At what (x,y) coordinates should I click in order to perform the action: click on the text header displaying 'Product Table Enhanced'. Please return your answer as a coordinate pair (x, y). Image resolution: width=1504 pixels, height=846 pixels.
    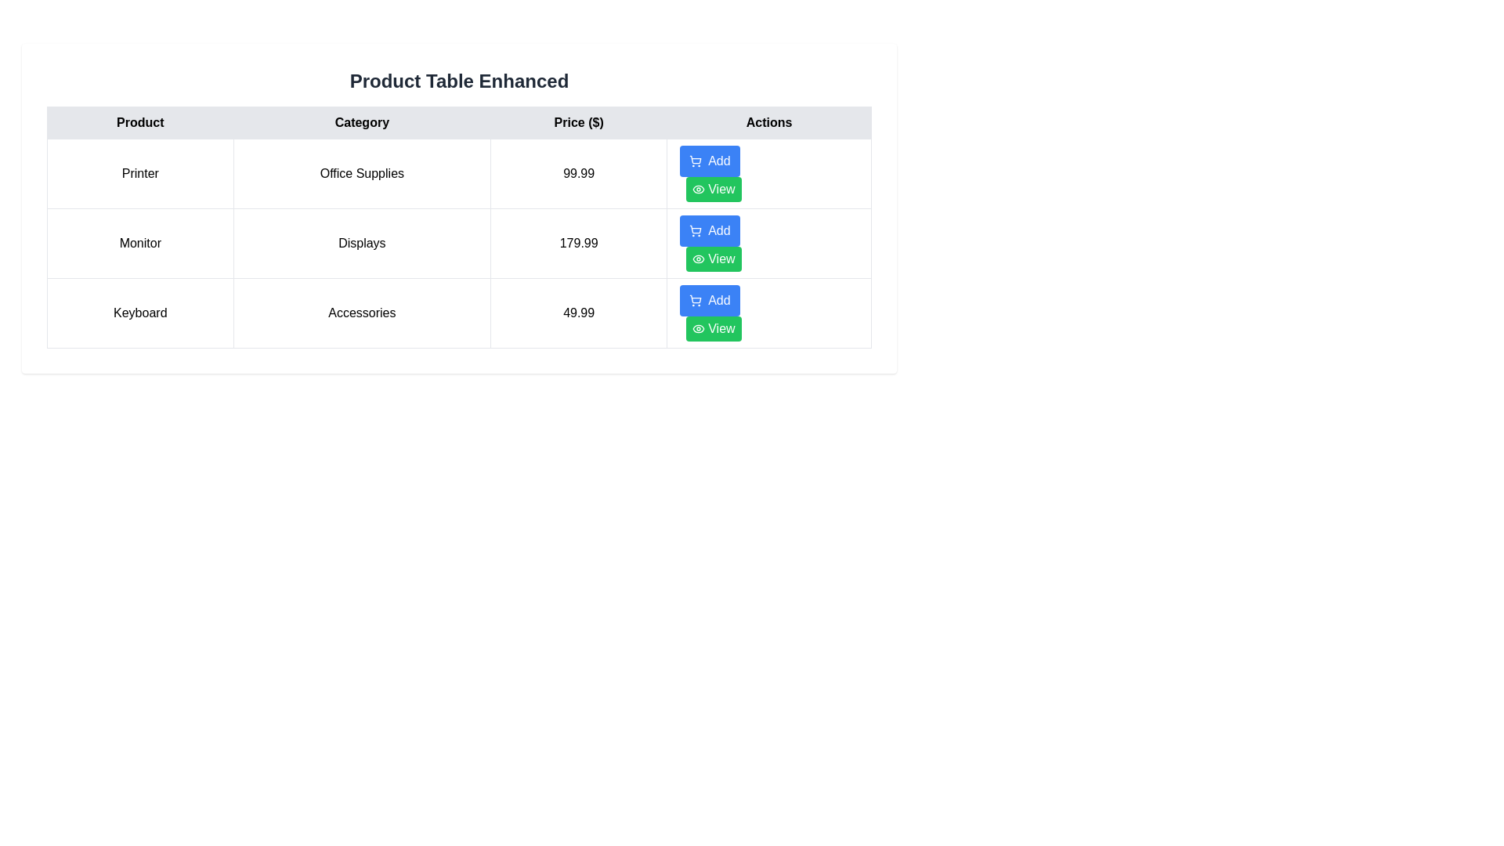
    Looking at the image, I should click on (458, 81).